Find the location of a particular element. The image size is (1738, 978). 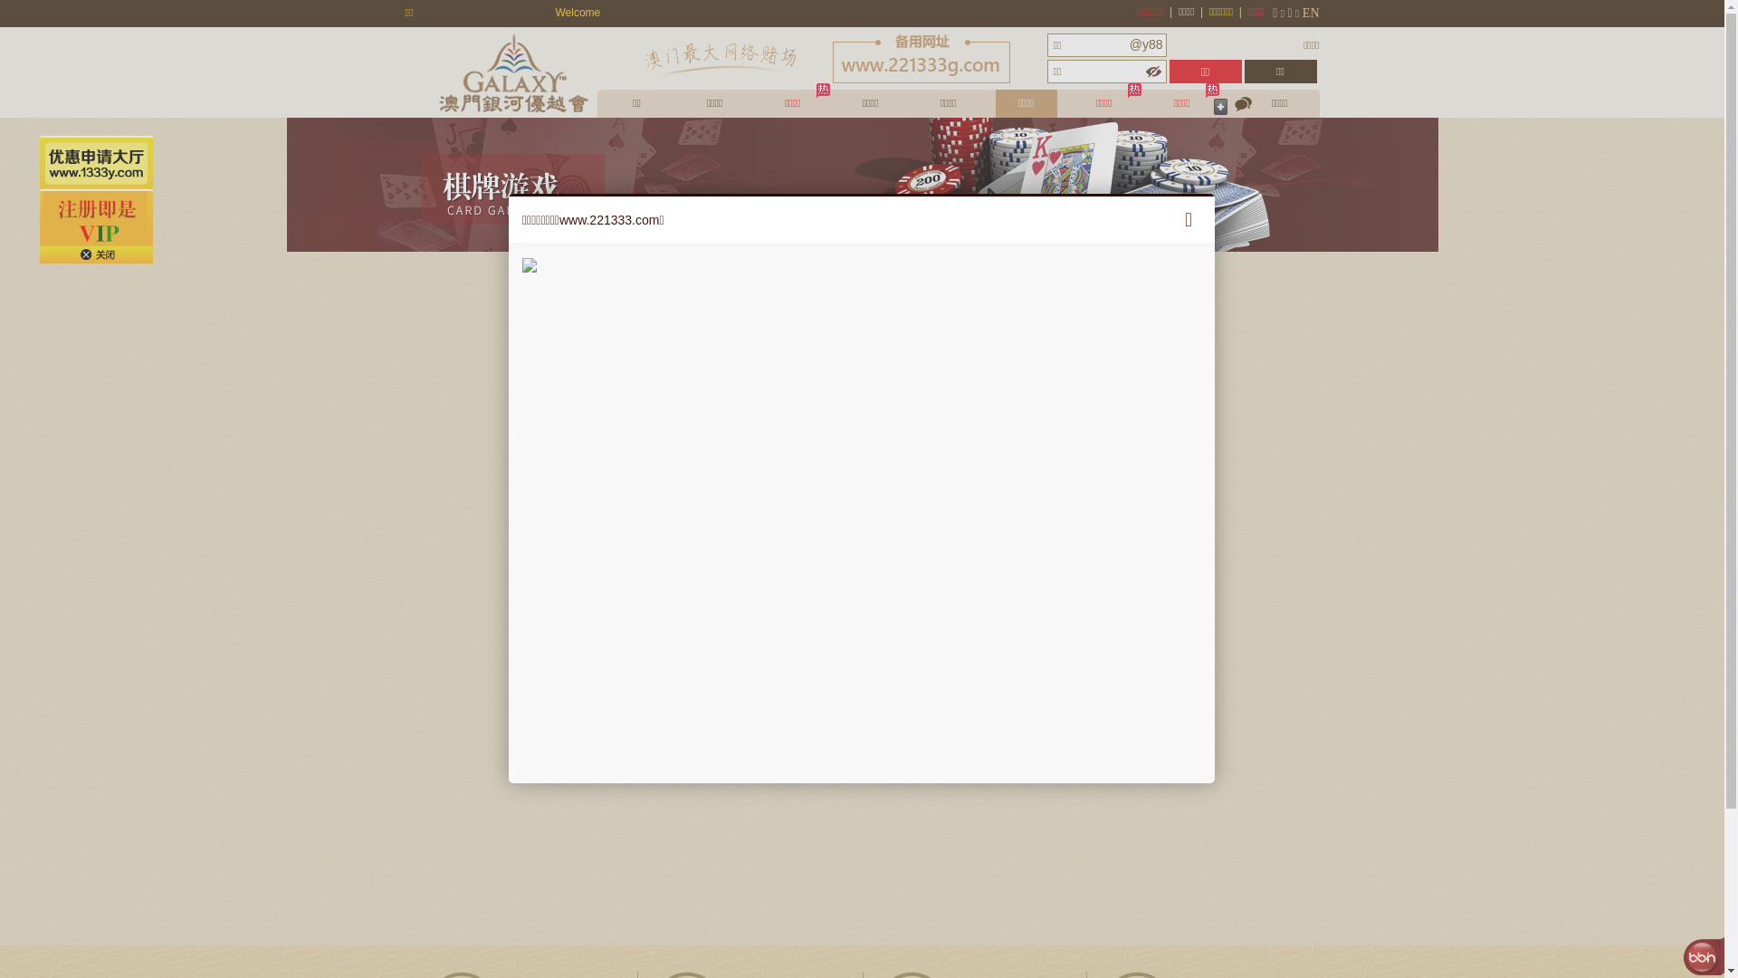

'EN' is located at coordinates (1311, 13).